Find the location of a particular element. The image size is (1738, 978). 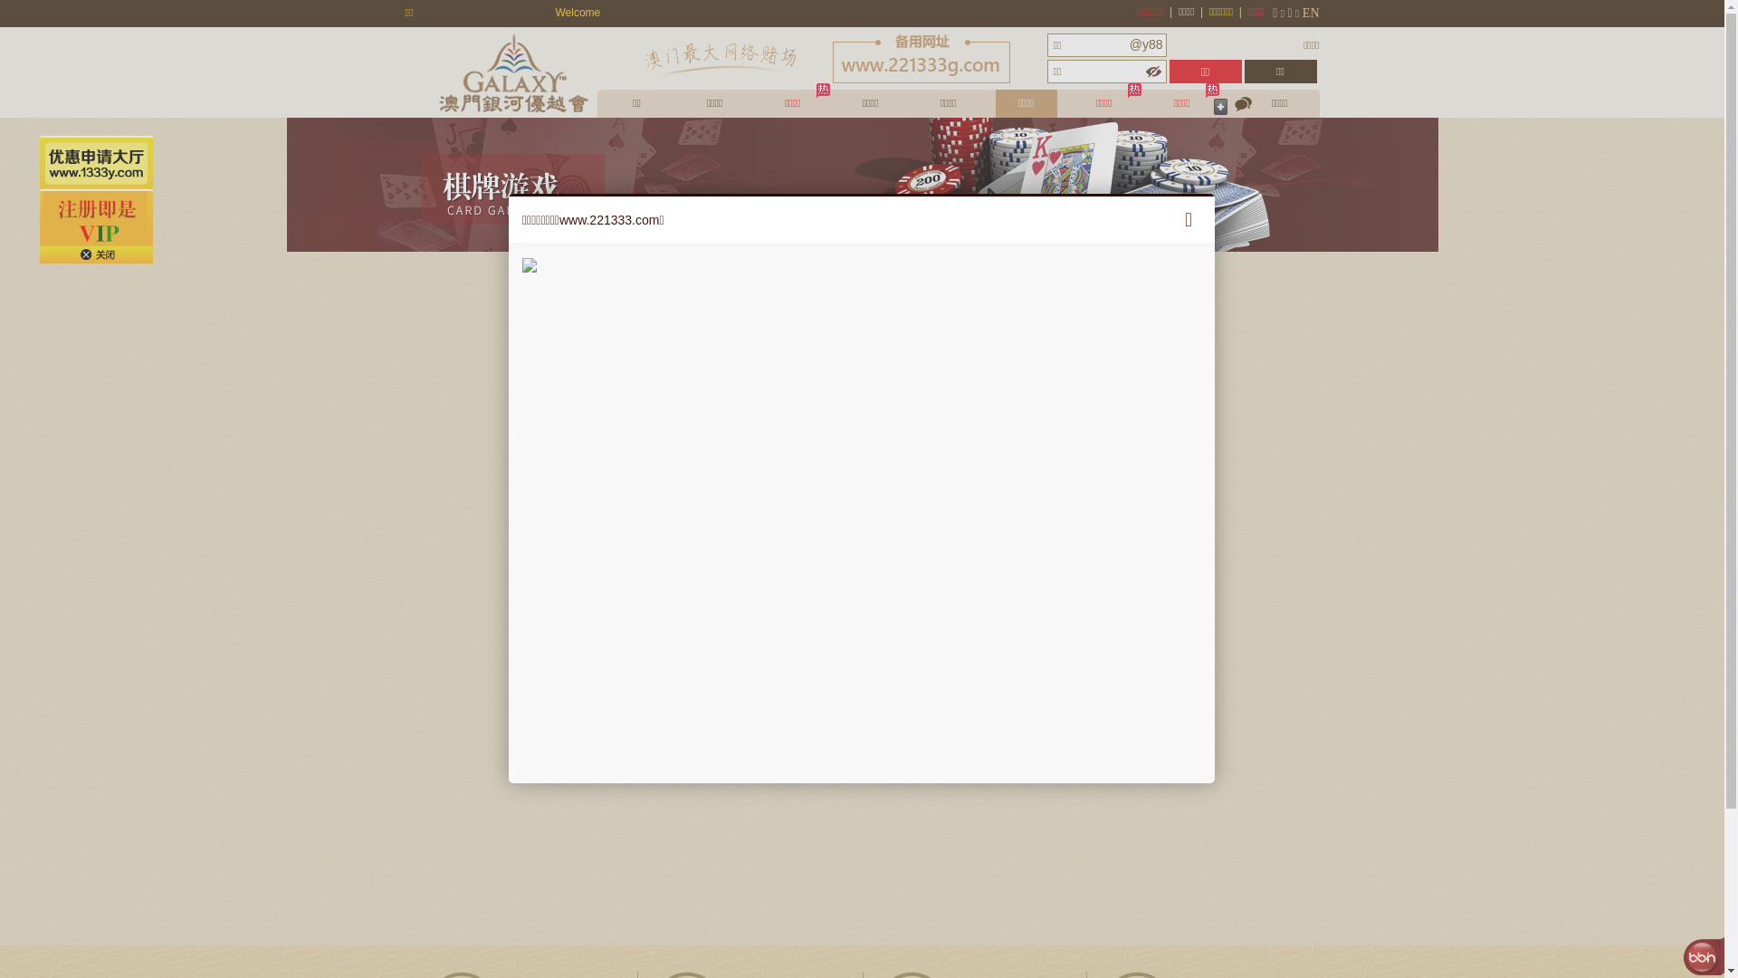

'EN' is located at coordinates (1311, 13).